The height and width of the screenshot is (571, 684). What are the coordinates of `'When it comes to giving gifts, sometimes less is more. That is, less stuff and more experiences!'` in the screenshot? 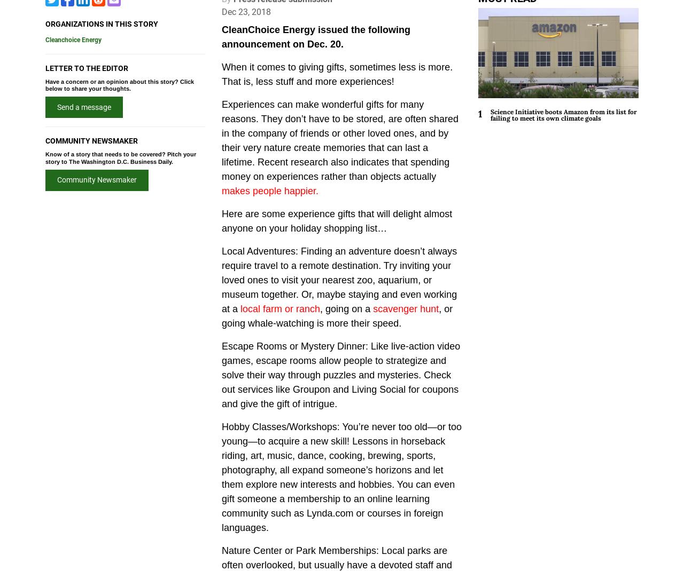 It's located at (337, 74).